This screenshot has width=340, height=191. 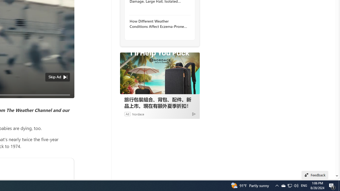 I want to click on 'Skip Ad', so click(x=55, y=77).